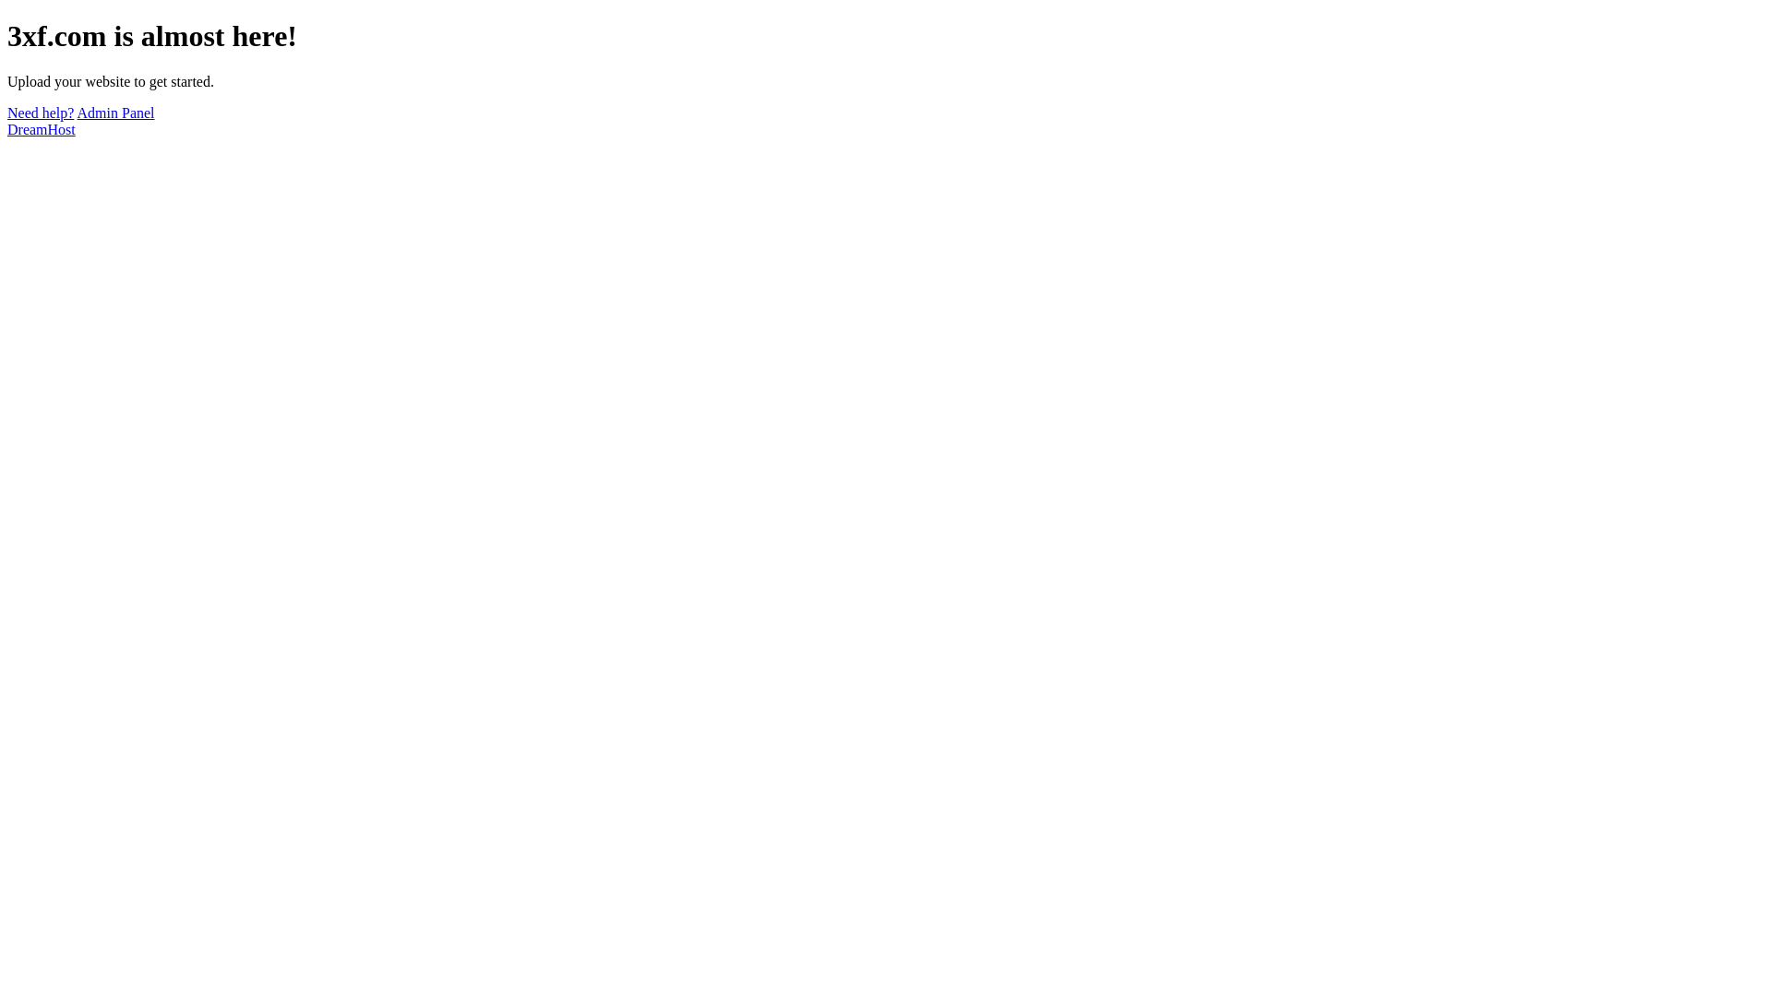 The image size is (1772, 996). Describe the element at coordinates (7, 113) in the screenshot. I see `'Need help?'` at that location.